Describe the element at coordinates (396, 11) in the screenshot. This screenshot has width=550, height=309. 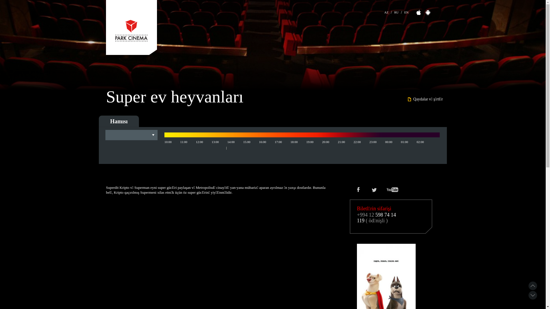
I see `'RU'` at that location.